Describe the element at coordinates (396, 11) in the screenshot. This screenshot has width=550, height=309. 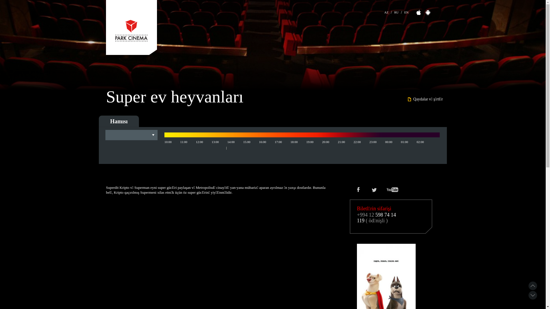
I see `'RU'` at that location.